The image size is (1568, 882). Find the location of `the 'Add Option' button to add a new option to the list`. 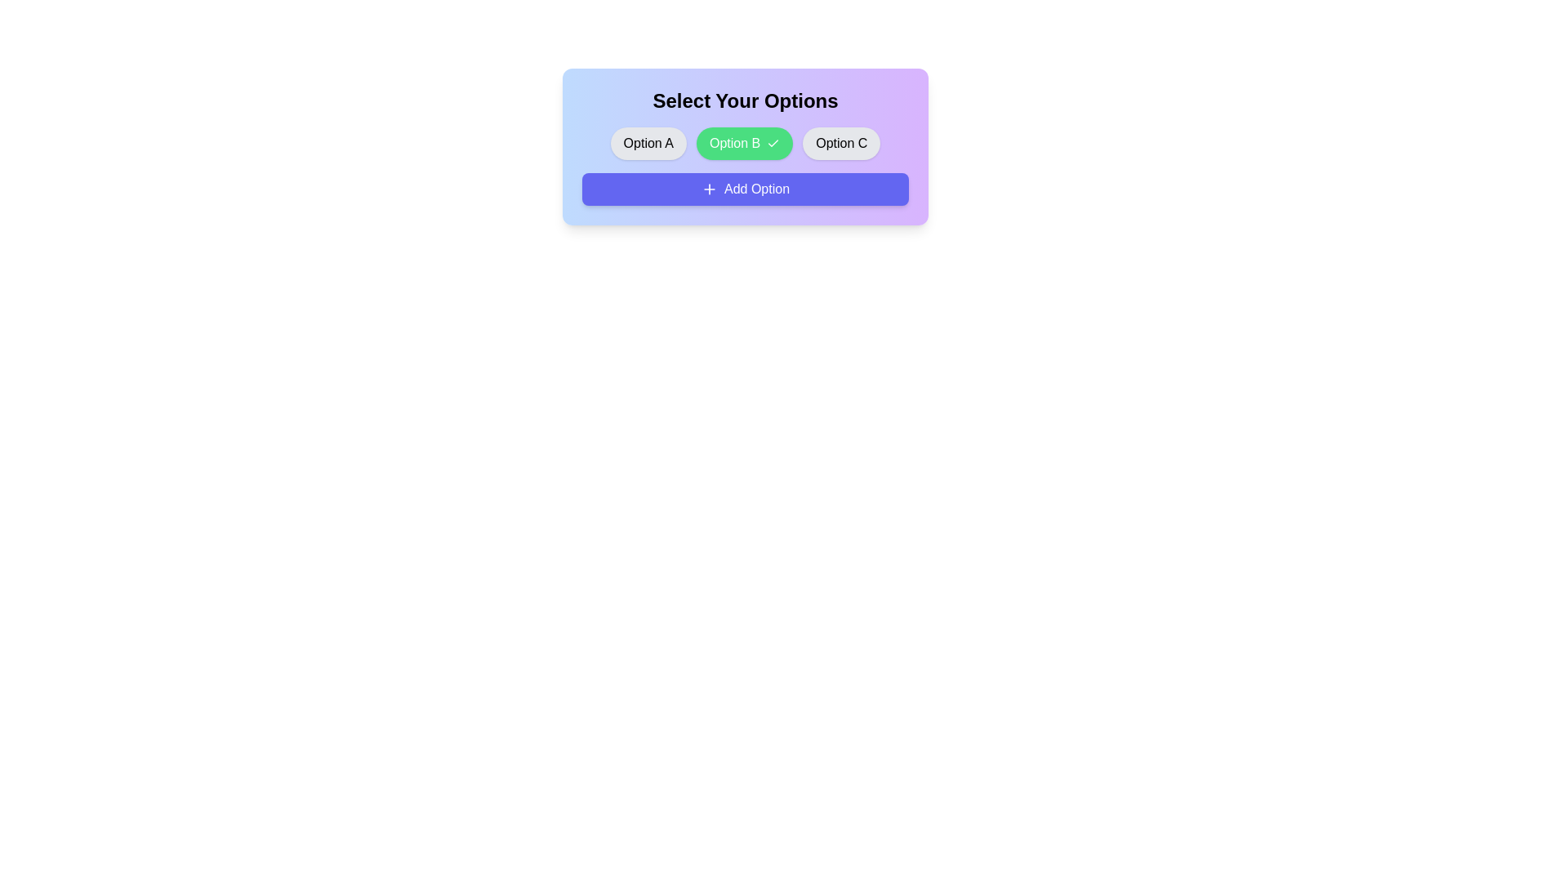

the 'Add Option' button to add a new option to the list is located at coordinates (744, 188).